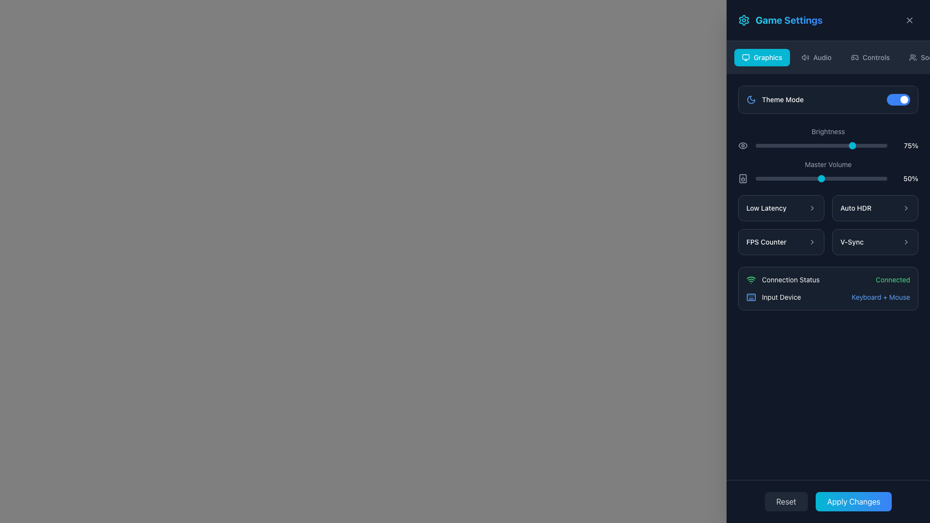 This screenshot has height=523, width=930. I want to click on the 'FPS Counter' button, which is a rectangular button with a dark gray background and a forward arrow icon, so click(781, 242).